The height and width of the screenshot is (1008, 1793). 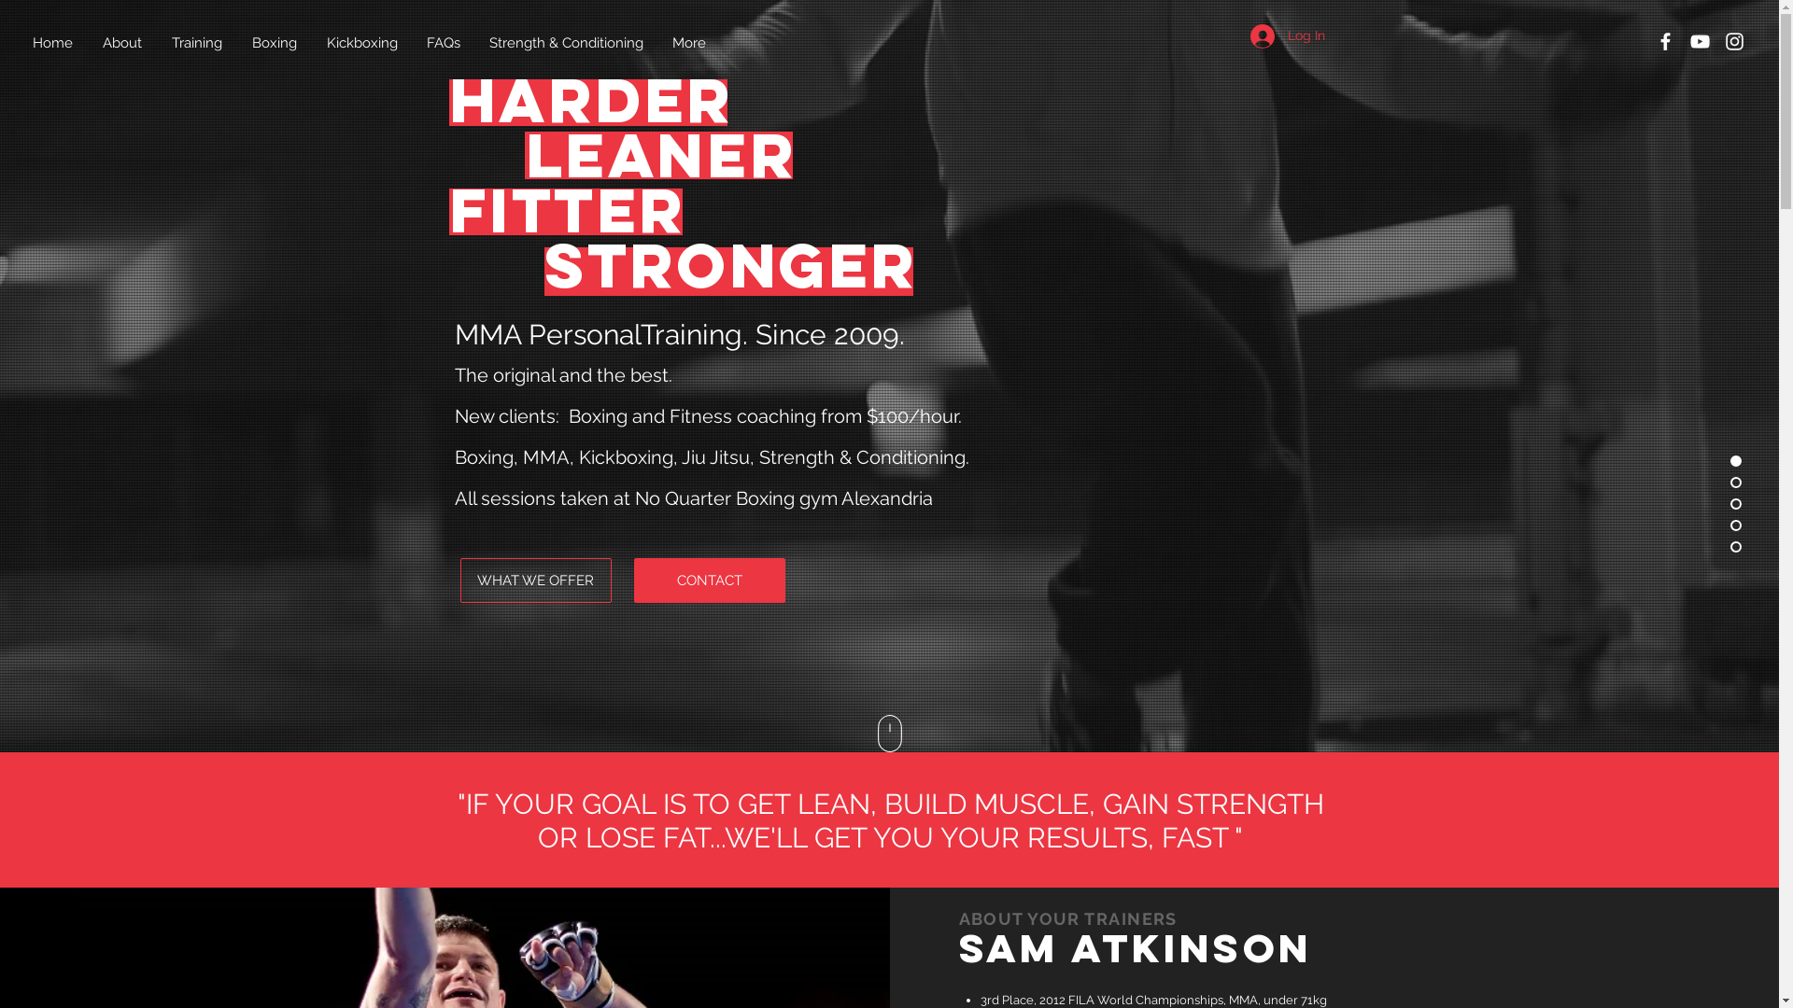 I want to click on 'Boxing', so click(x=274, y=42).